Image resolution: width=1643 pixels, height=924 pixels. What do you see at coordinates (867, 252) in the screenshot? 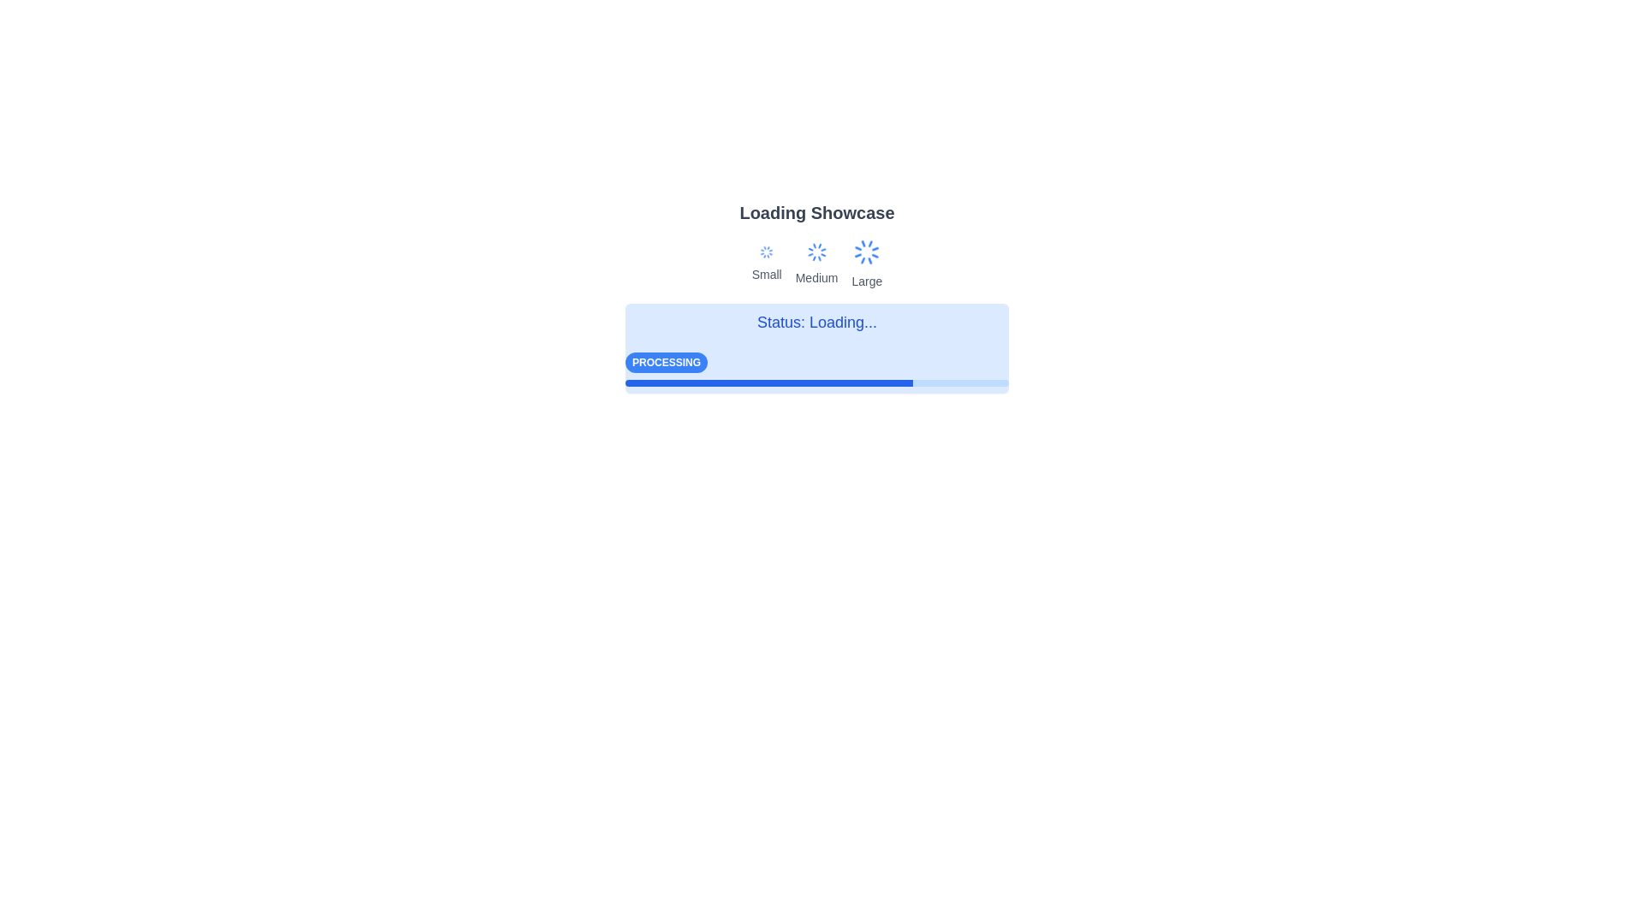
I see `the spinning animation of the blue circular loader icon, which is the third icon in the group labeled 'Small', 'Medium', and 'Large'` at bounding box center [867, 252].